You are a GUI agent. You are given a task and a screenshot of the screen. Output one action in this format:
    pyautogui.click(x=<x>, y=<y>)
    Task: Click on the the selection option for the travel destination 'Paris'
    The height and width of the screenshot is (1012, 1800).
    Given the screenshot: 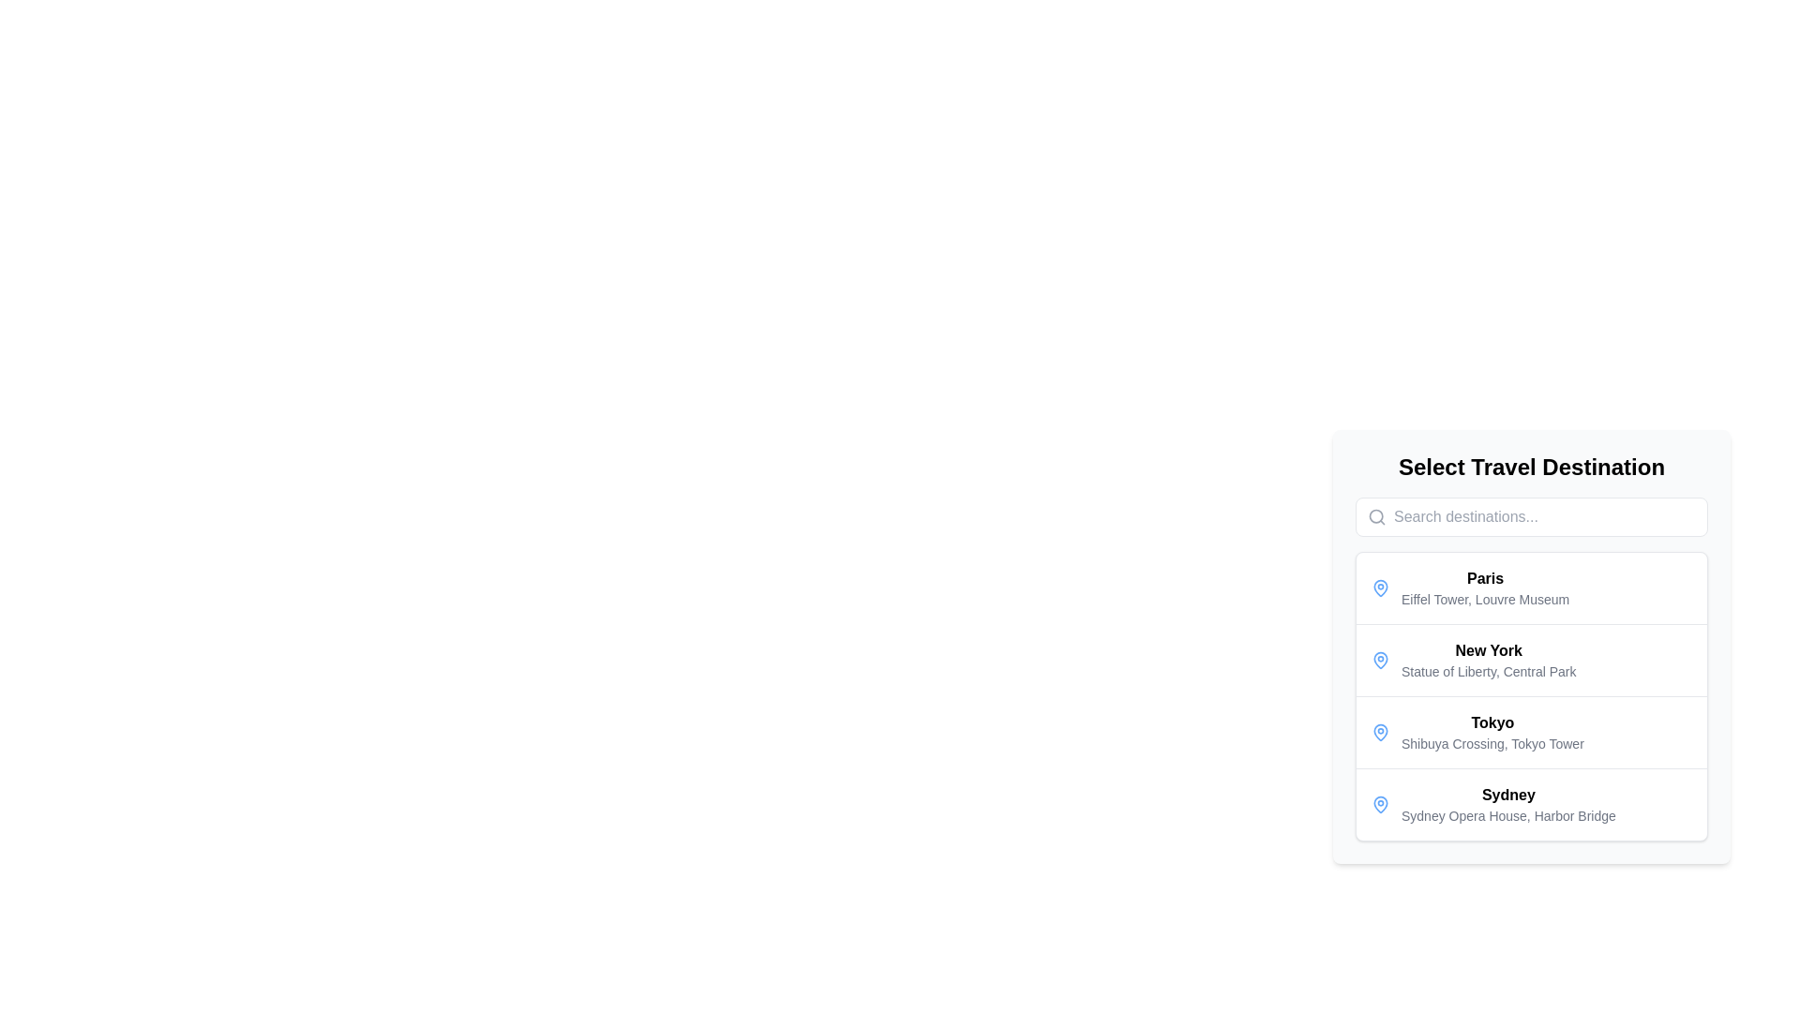 What is the action you would take?
    pyautogui.click(x=1484, y=588)
    